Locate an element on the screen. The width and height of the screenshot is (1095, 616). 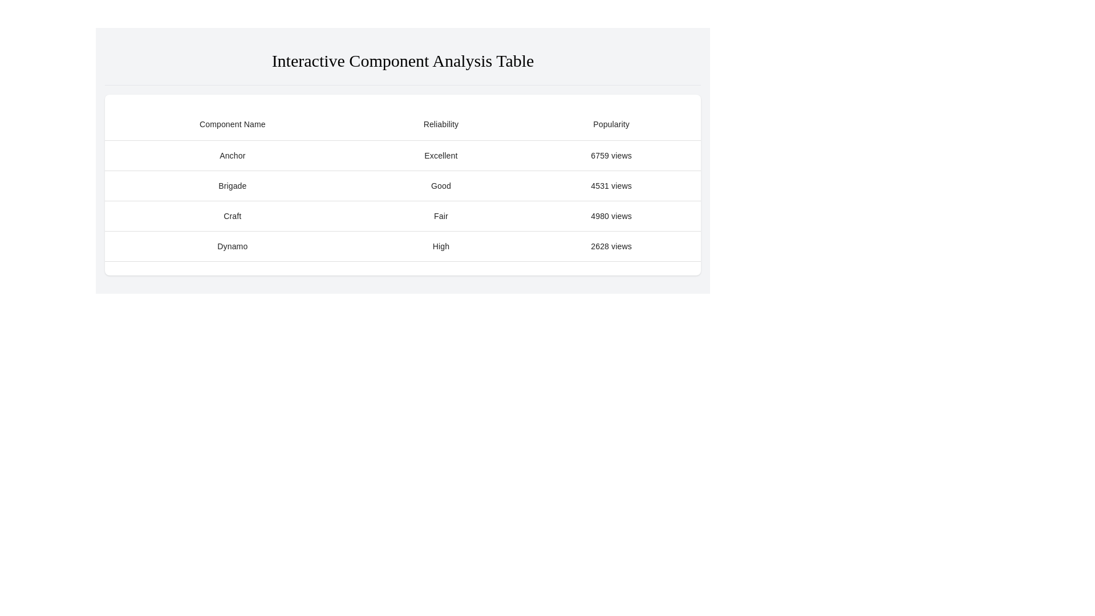
the first table cell displaying the name of a component or item, which is positioned centrally within the table row is located at coordinates (232, 216).